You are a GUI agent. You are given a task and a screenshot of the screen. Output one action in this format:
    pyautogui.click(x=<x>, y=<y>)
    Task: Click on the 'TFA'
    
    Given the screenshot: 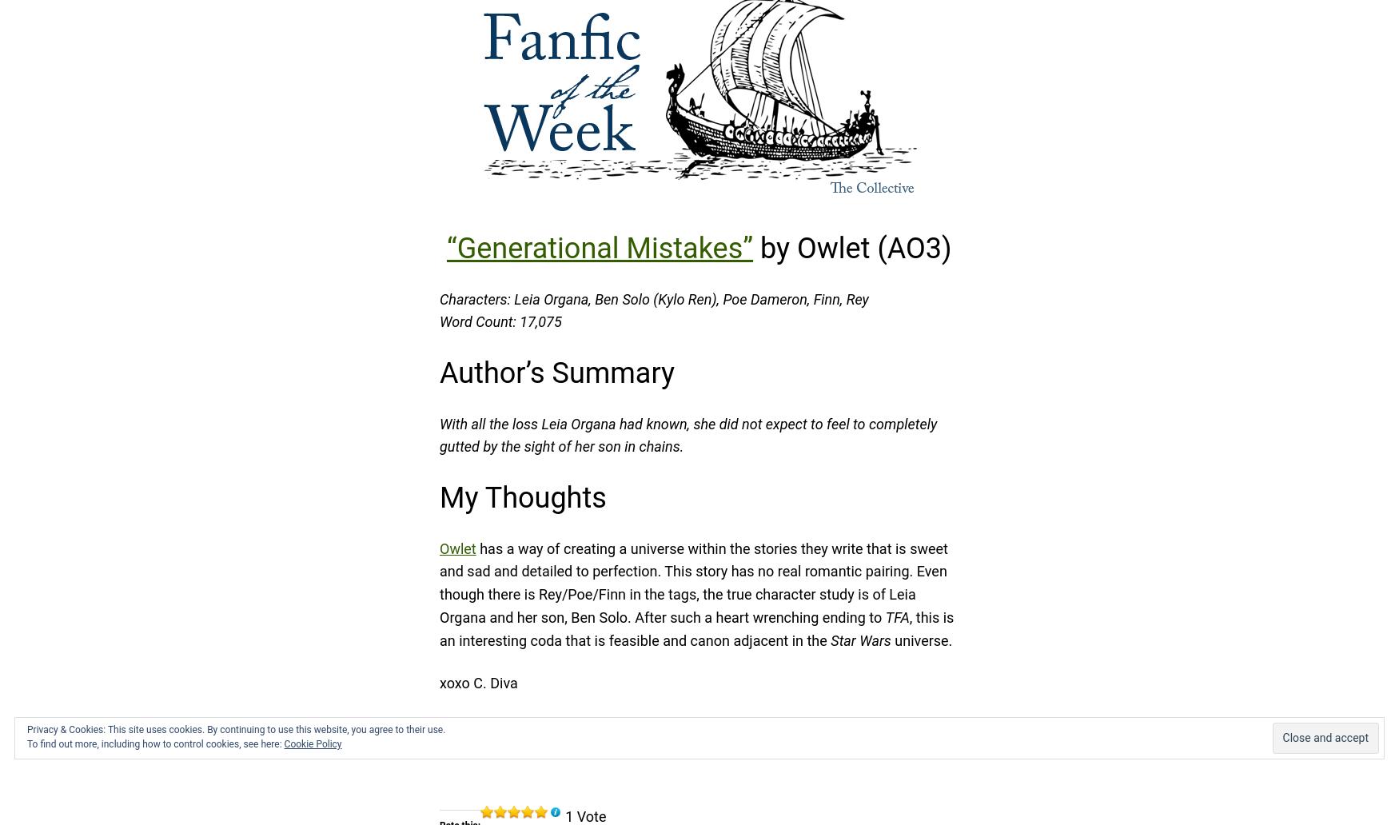 What is the action you would take?
    pyautogui.click(x=896, y=616)
    